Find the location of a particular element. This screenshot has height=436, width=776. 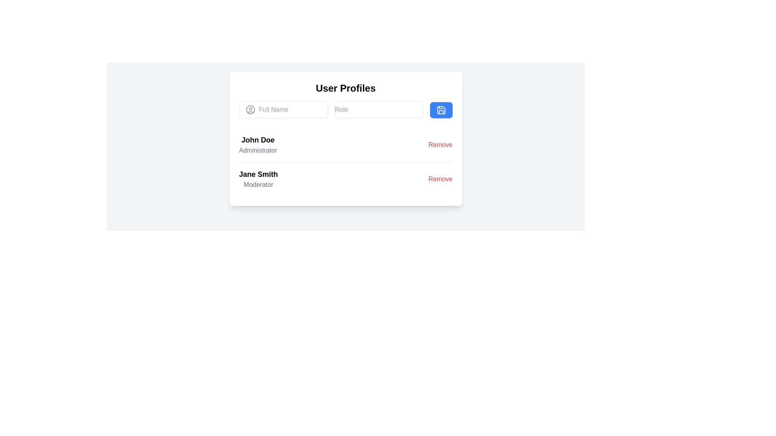

the static text label indicating the role 'Administrator' of the user 'John Doe', which is located directly below the user's name in the profile card is located at coordinates (257, 151).